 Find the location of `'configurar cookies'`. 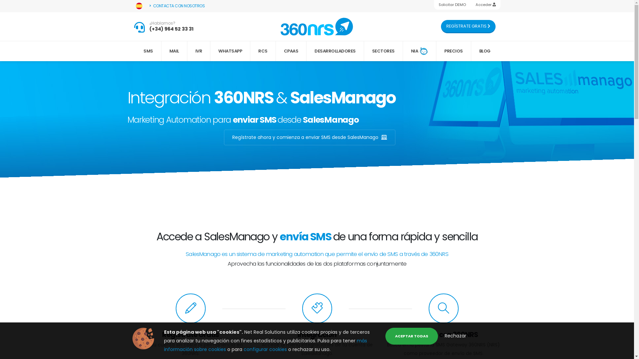

'configurar cookies' is located at coordinates (265, 349).